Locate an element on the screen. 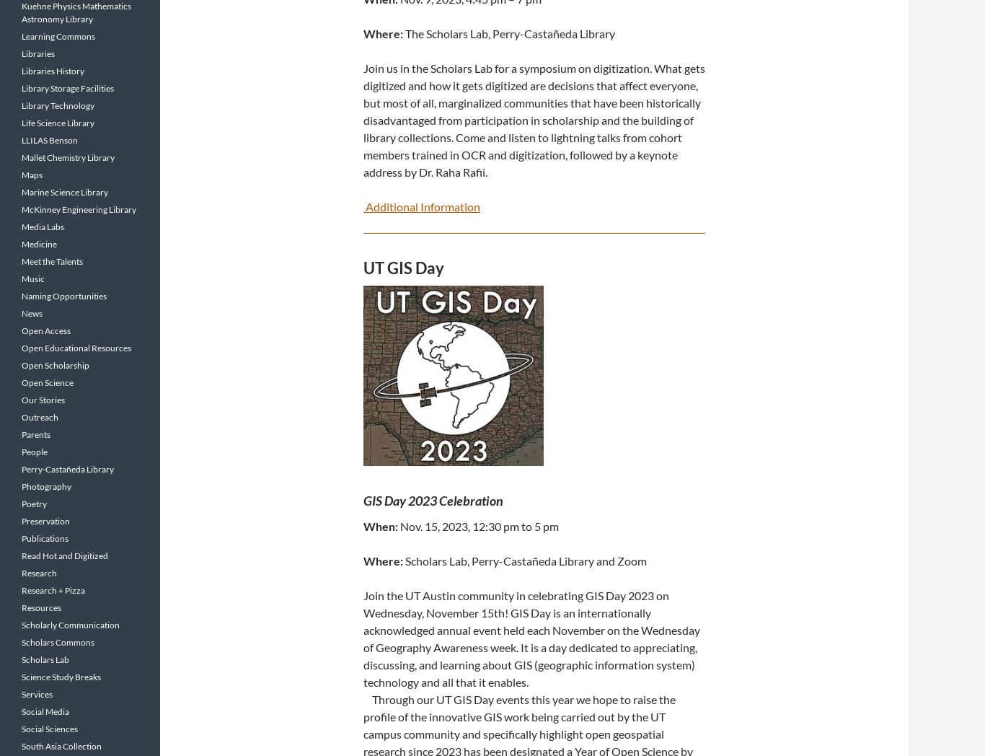 The image size is (985, 756). 'Join the UT Austin community in celebrating GIS Day 2023 on Wednesday, November 15th! GIS Day is an internationally acknowledged annual event held each November on the Wednesday of Geography Awareness week. It is a day dedicated to appreciating, discussing, and learning about GIS (geographic information system) technology and all that it enables.' is located at coordinates (531, 637).